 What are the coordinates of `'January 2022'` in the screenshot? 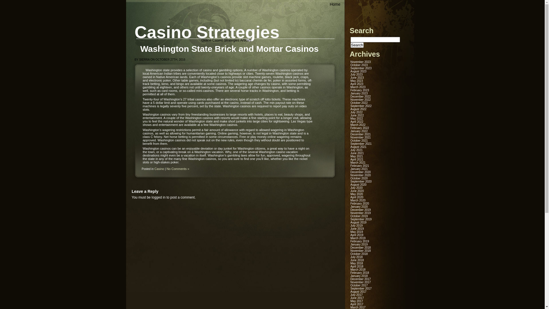 It's located at (359, 131).